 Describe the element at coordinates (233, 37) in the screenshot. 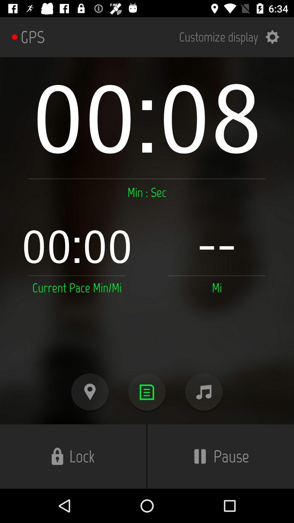

I see `the item next to gps` at that location.